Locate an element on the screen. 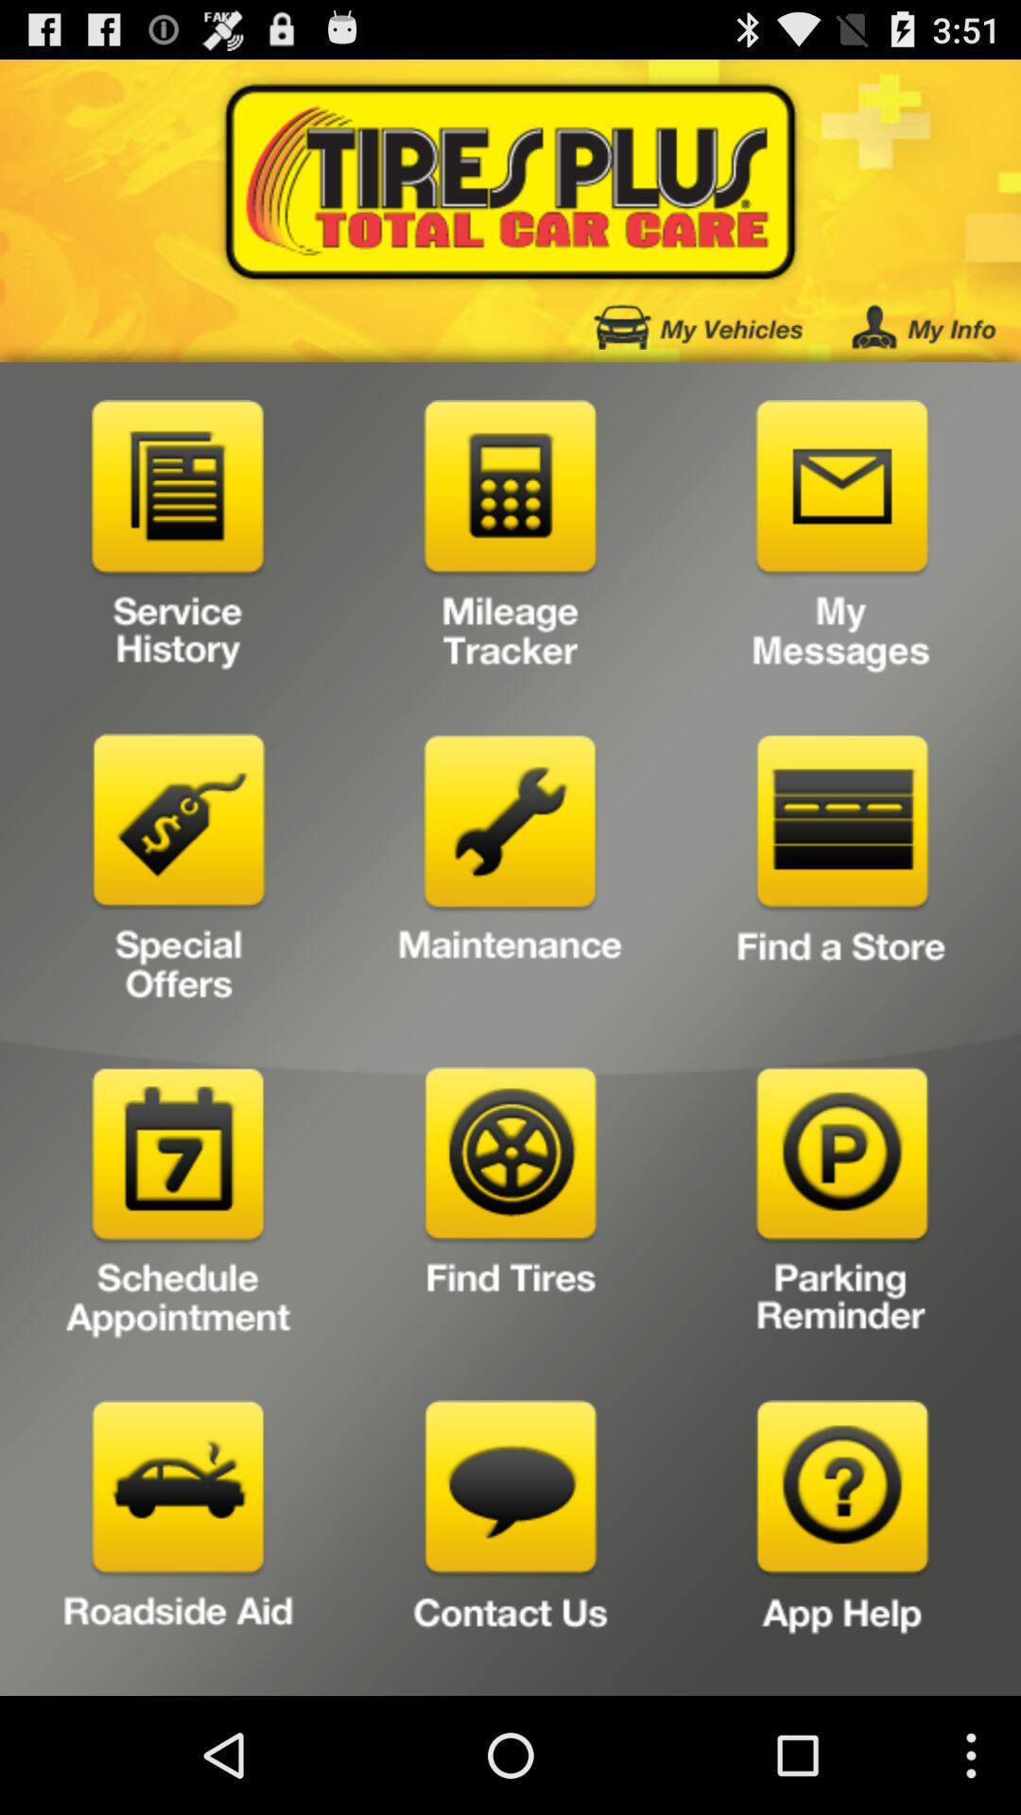 The height and width of the screenshot is (1815, 1021). mileage tracker is located at coordinates (510, 540).